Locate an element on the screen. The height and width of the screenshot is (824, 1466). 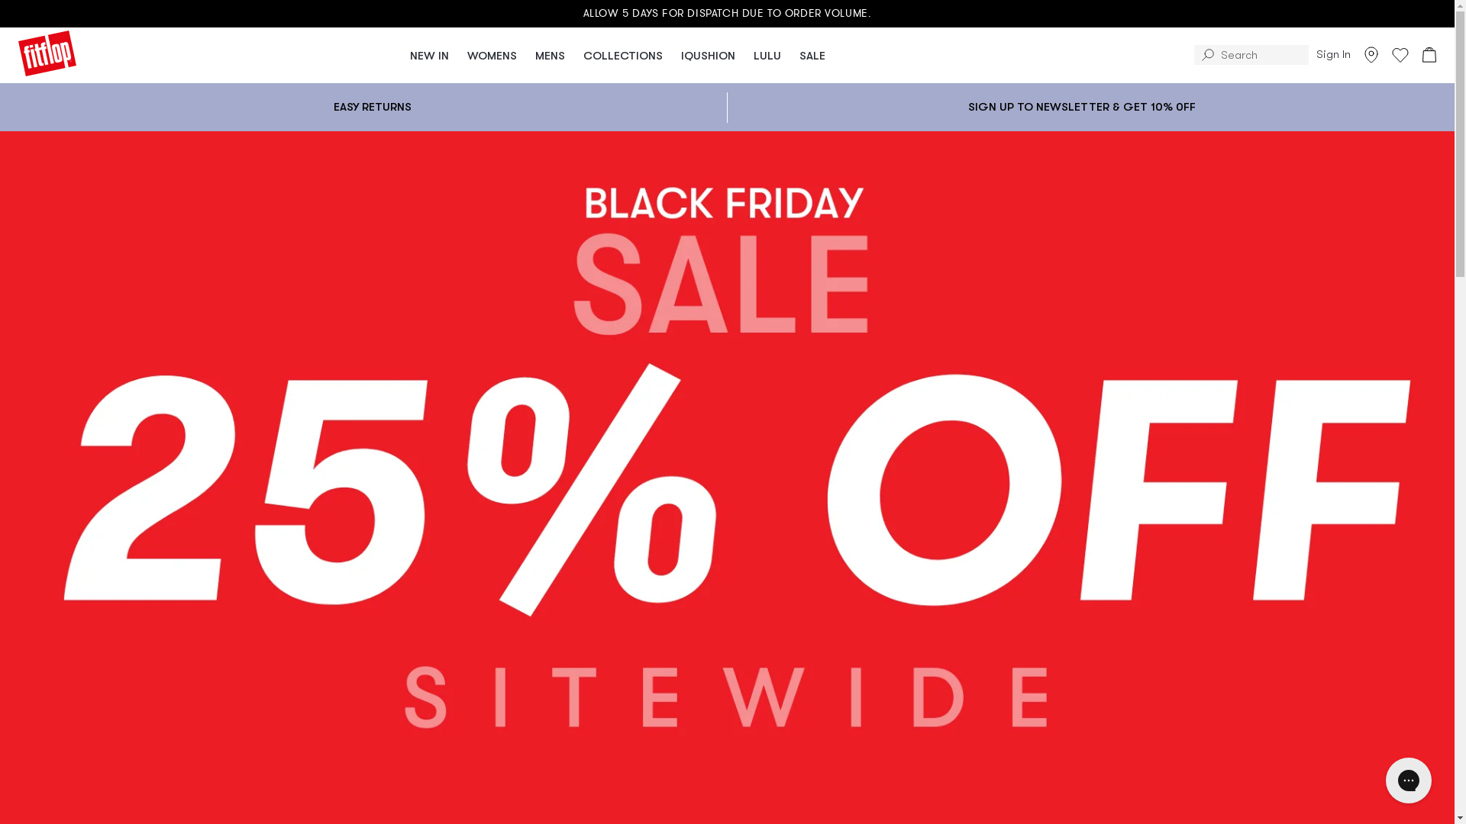
'MENS' is located at coordinates (550, 53).